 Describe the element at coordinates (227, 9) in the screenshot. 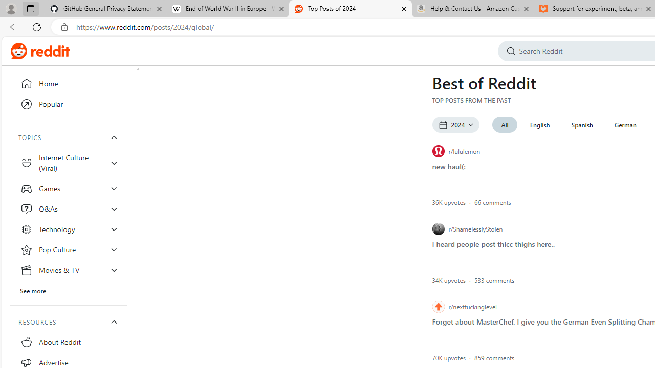

I see `'End of World War II in Europe - Wikipedia'` at that location.